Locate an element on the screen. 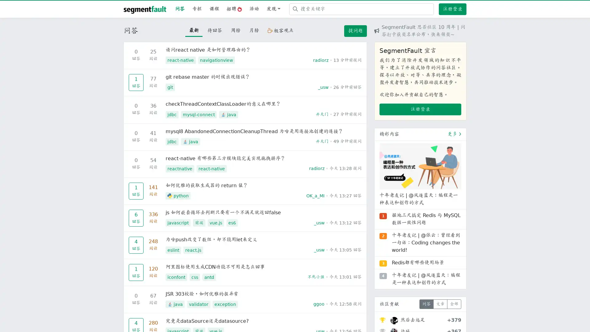 This screenshot has height=332, width=590. Slide 2 is located at coordinates (420, 254).